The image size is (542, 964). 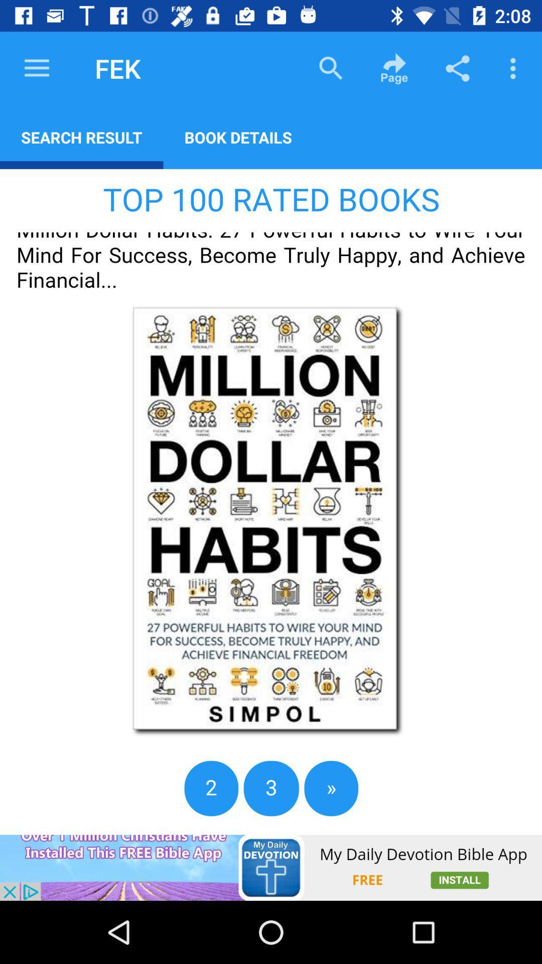 What do you see at coordinates (36, 68) in the screenshot?
I see `the menu icon` at bounding box center [36, 68].